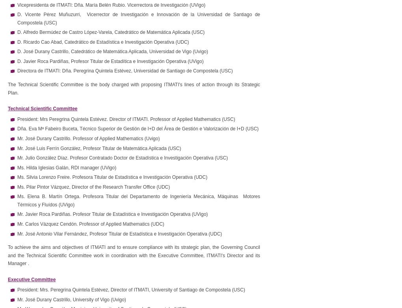 This screenshot has height=308, width=402. I want to click on 'Executive Committee', so click(32, 278).